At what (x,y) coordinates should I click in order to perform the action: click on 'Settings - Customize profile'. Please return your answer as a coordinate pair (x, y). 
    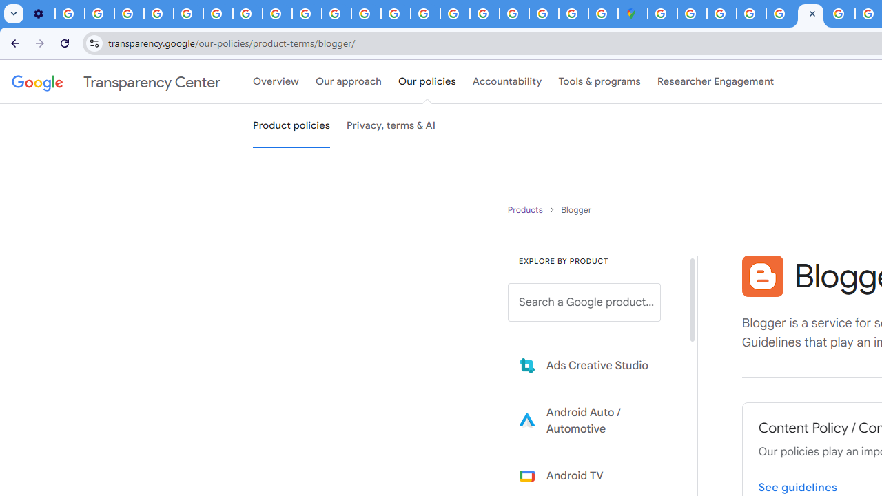
    Looking at the image, I should click on (40, 14).